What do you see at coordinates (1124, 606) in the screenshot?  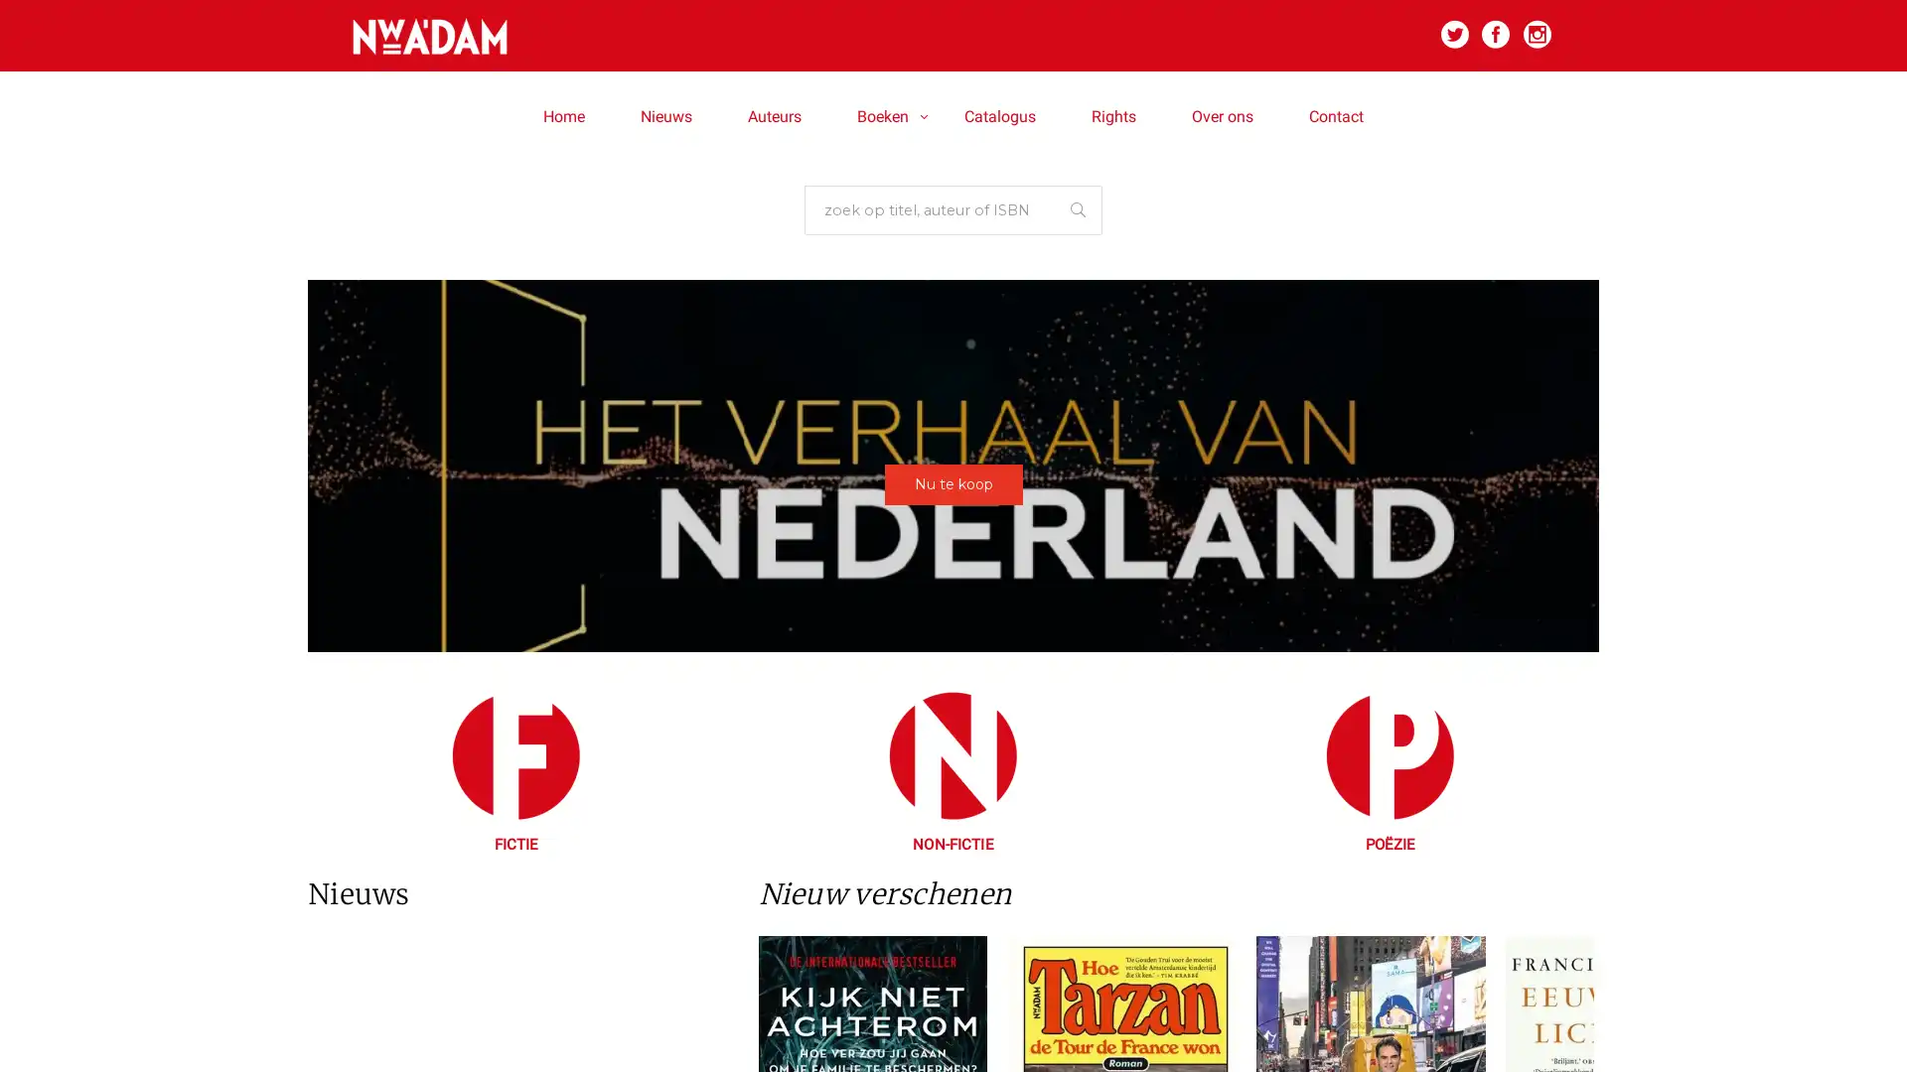 I see `Bekijk voorkeuren` at bounding box center [1124, 606].